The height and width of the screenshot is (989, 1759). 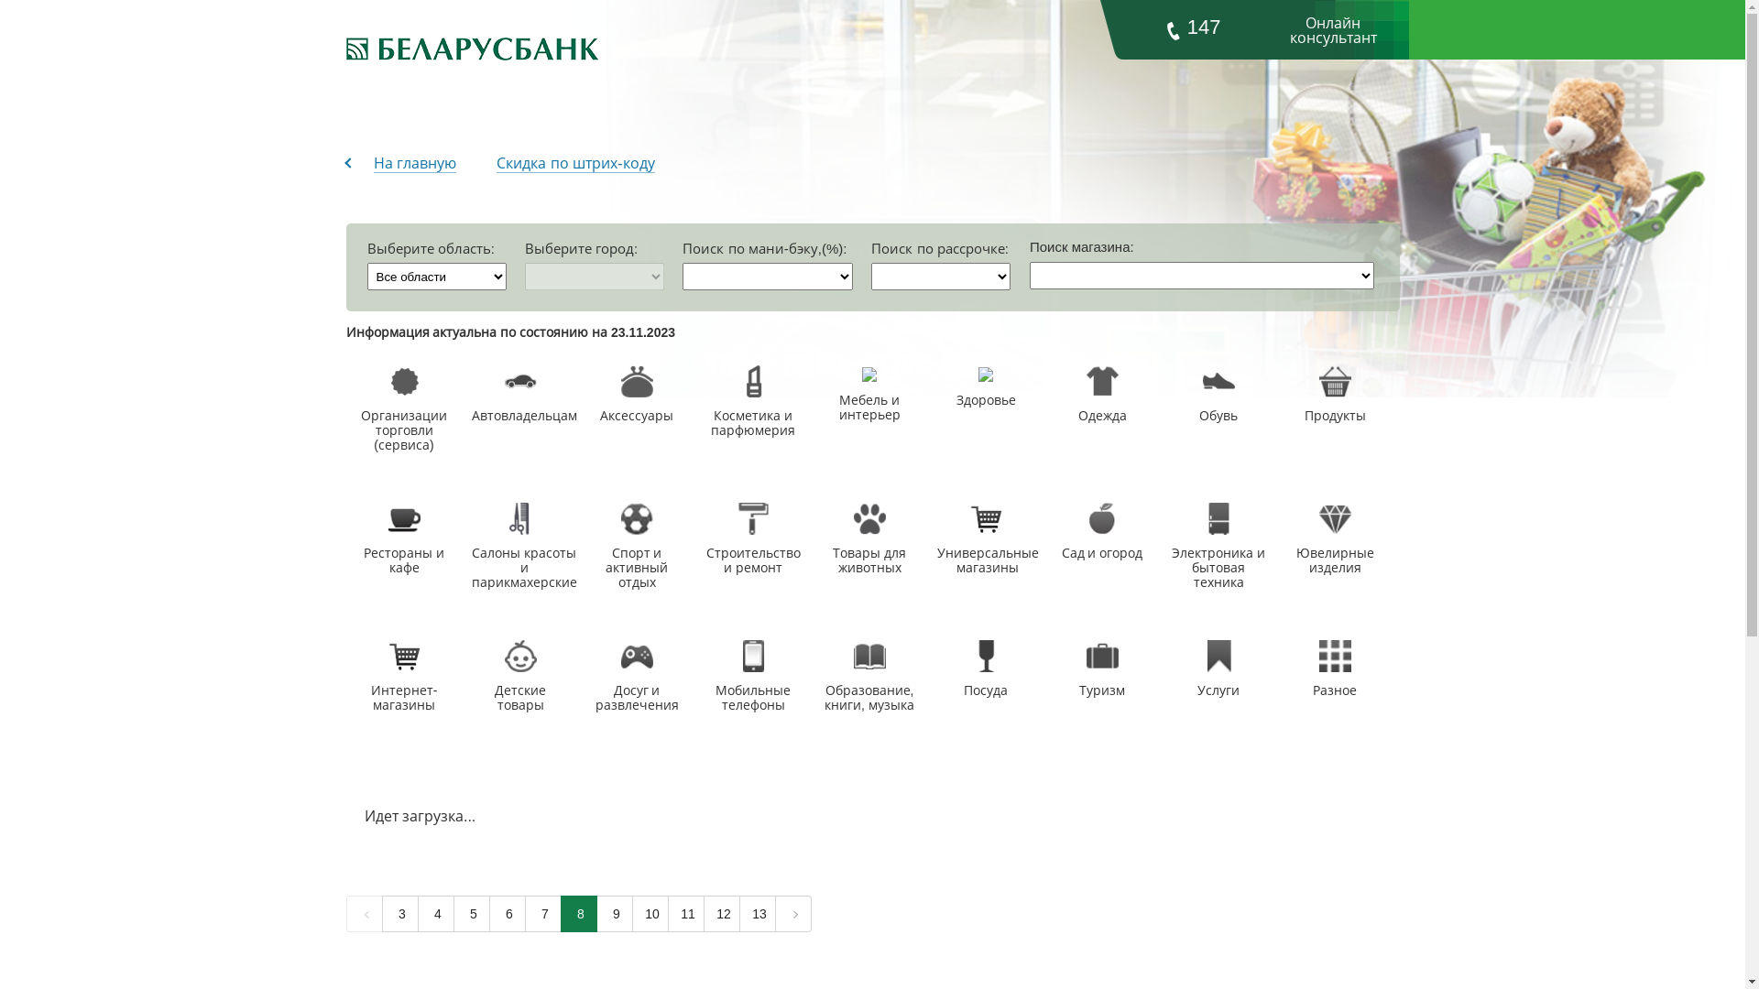 I want to click on '10', so click(x=650, y=914).